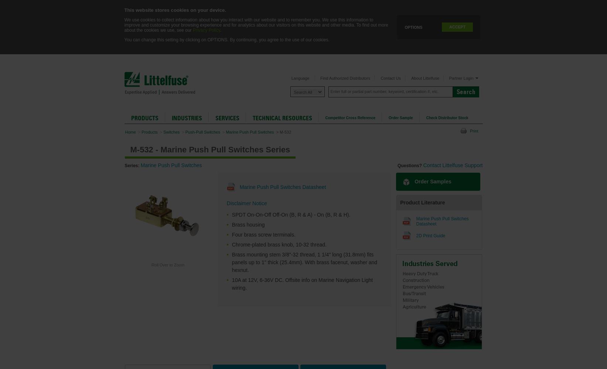 The image size is (607, 369). What do you see at coordinates (345, 78) in the screenshot?
I see `'Find Authorized Distributors'` at bounding box center [345, 78].